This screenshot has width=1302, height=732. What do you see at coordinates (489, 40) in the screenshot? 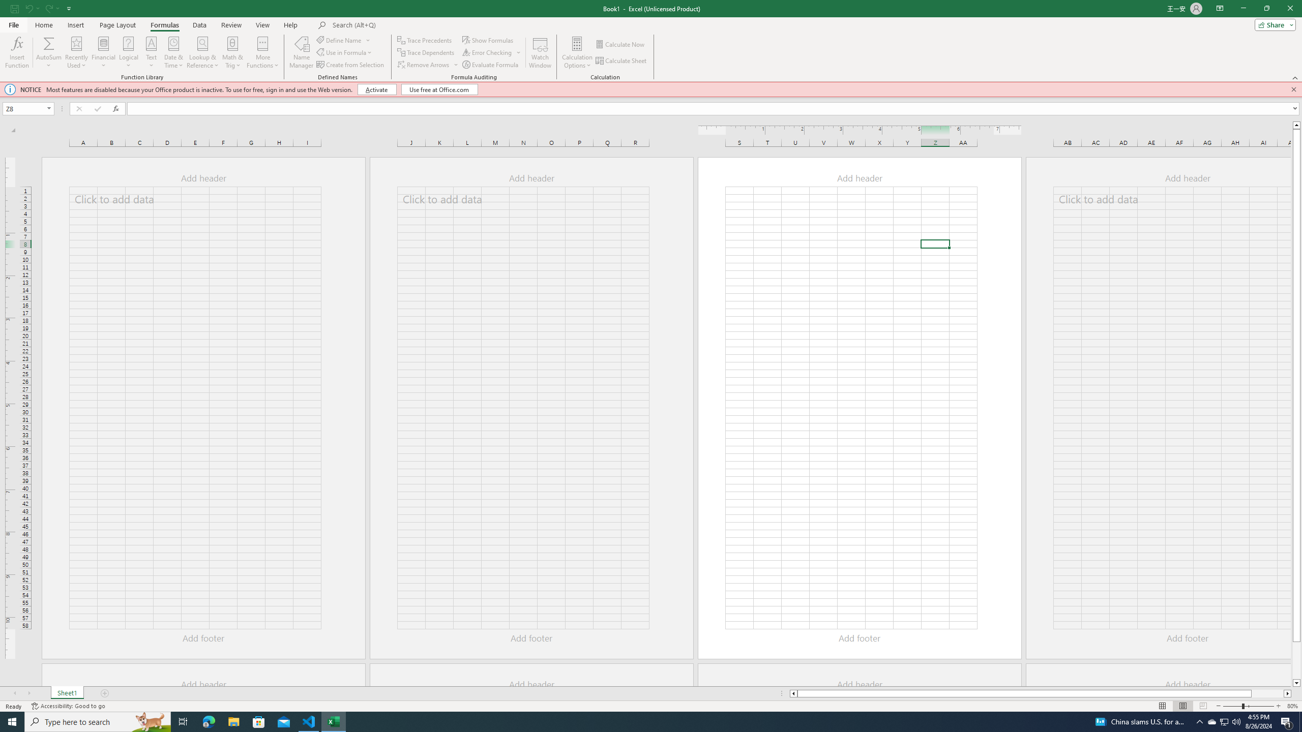
I see `'Show Formulas'` at bounding box center [489, 40].